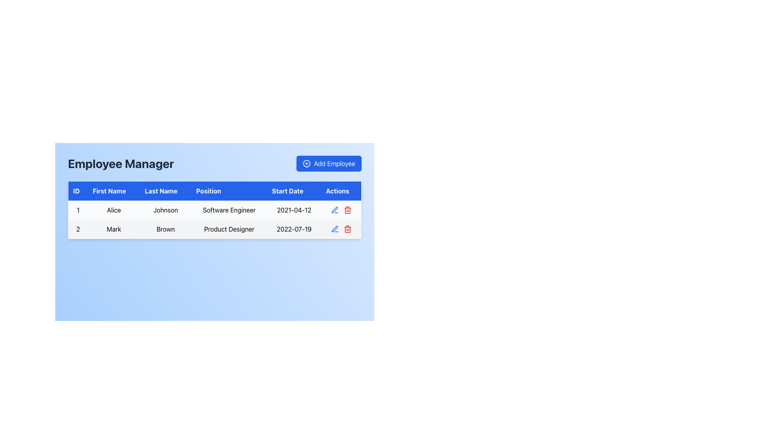 Image resolution: width=763 pixels, height=429 pixels. I want to click on the content of the employee details row for Mark Brown, which includes ID '2', position 'Product Designer', and start date '2022-07-19', so click(215, 229).